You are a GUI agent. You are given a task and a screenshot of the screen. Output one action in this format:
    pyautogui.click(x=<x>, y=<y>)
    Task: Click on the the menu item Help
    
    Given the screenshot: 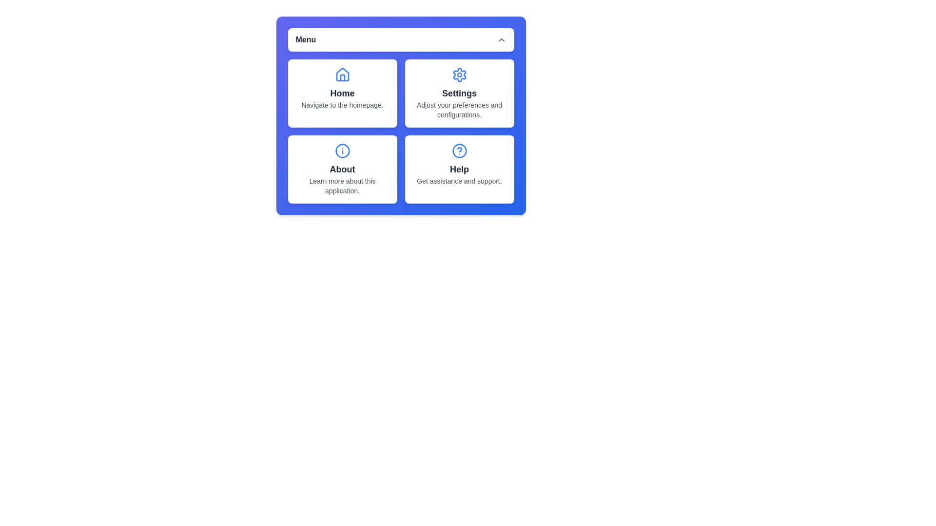 What is the action you would take?
    pyautogui.click(x=459, y=169)
    